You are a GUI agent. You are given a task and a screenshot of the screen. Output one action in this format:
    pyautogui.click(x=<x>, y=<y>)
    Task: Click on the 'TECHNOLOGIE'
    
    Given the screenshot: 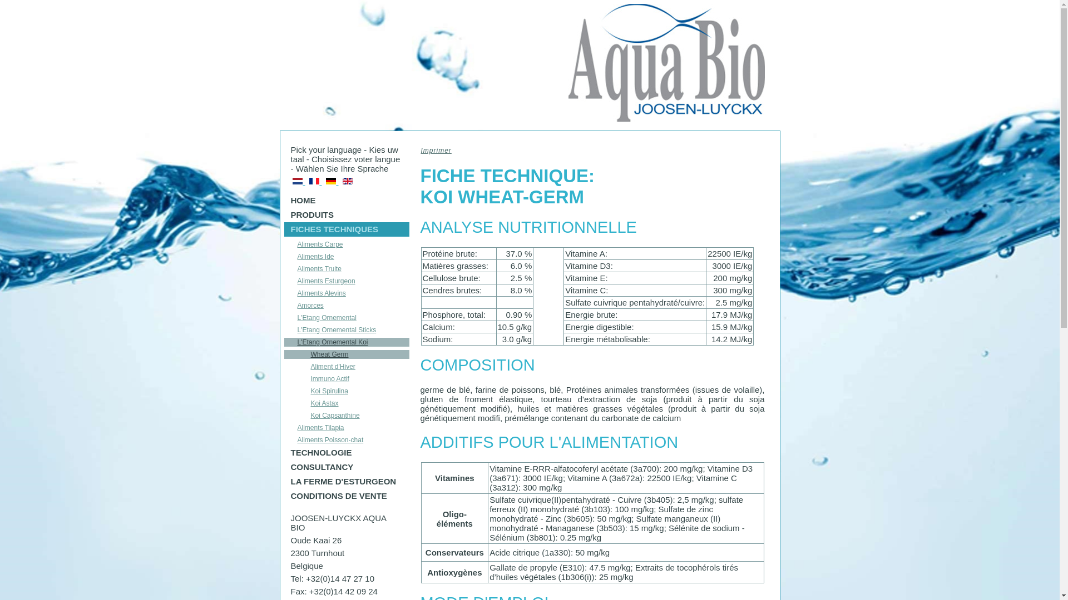 What is the action you would take?
    pyautogui.click(x=283, y=452)
    